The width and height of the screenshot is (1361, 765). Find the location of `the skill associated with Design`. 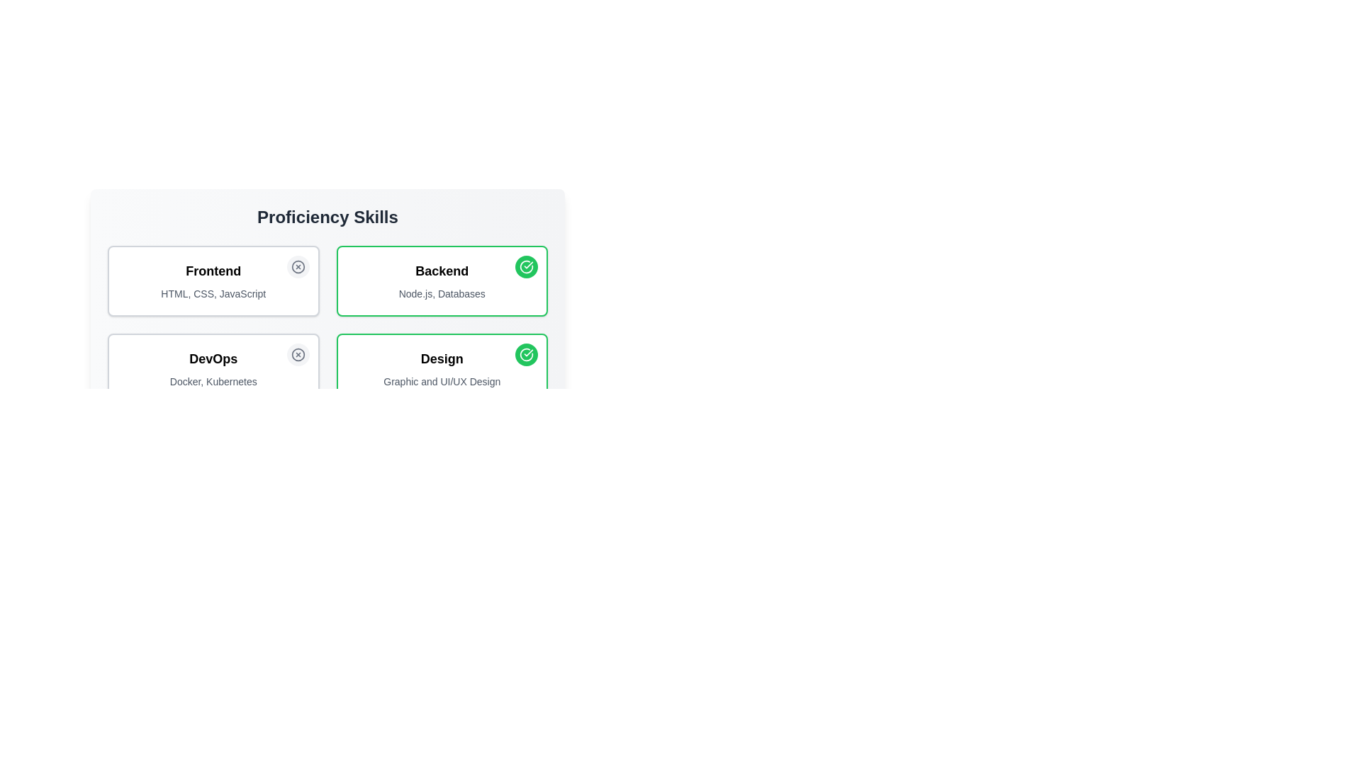

the skill associated with Design is located at coordinates (526, 354).